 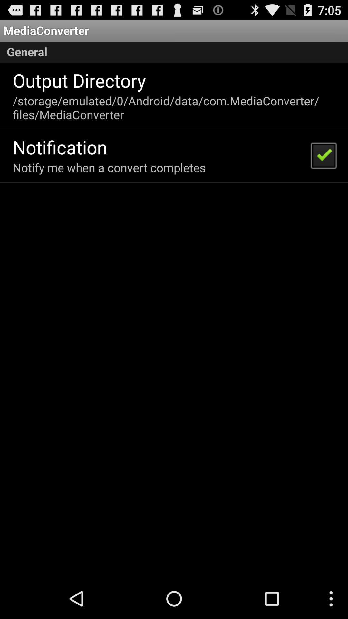 I want to click on icon above the storage emulated 0 icon, so click(x=79, y=80).